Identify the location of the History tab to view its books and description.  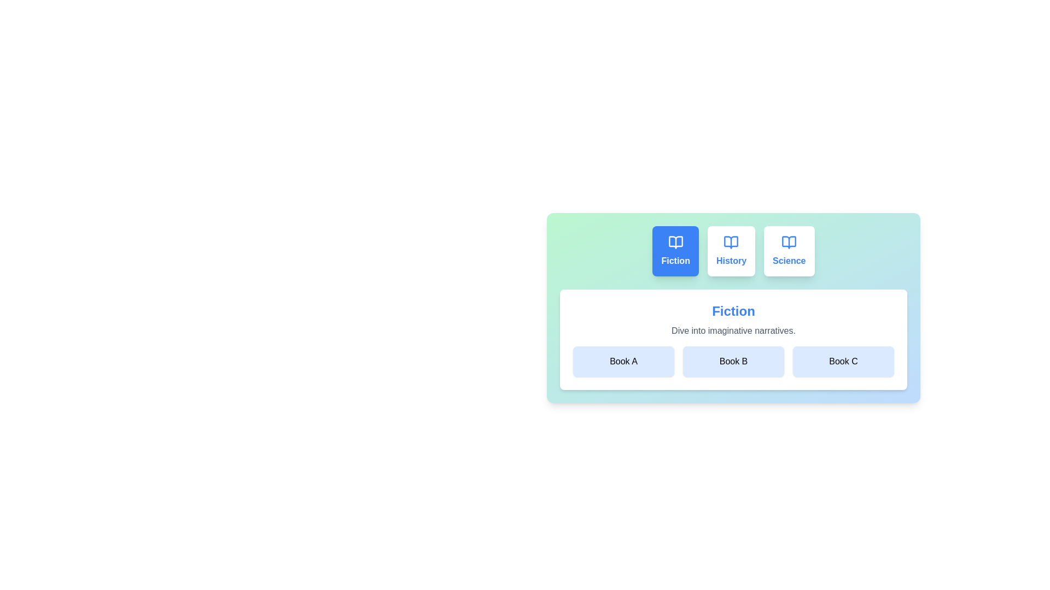
(731, 251).